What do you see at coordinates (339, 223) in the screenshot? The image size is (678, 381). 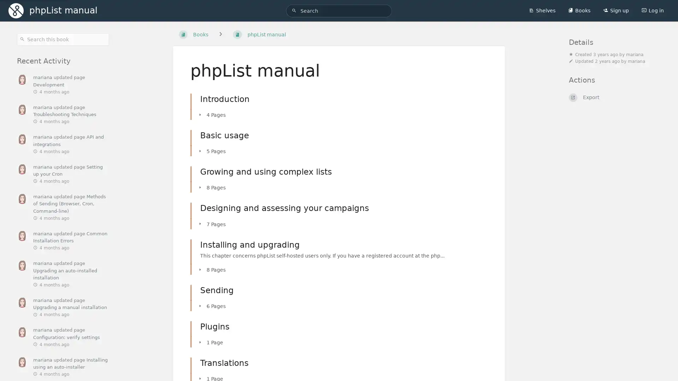 I see `7 Pages` at bounding box center [339, 223].